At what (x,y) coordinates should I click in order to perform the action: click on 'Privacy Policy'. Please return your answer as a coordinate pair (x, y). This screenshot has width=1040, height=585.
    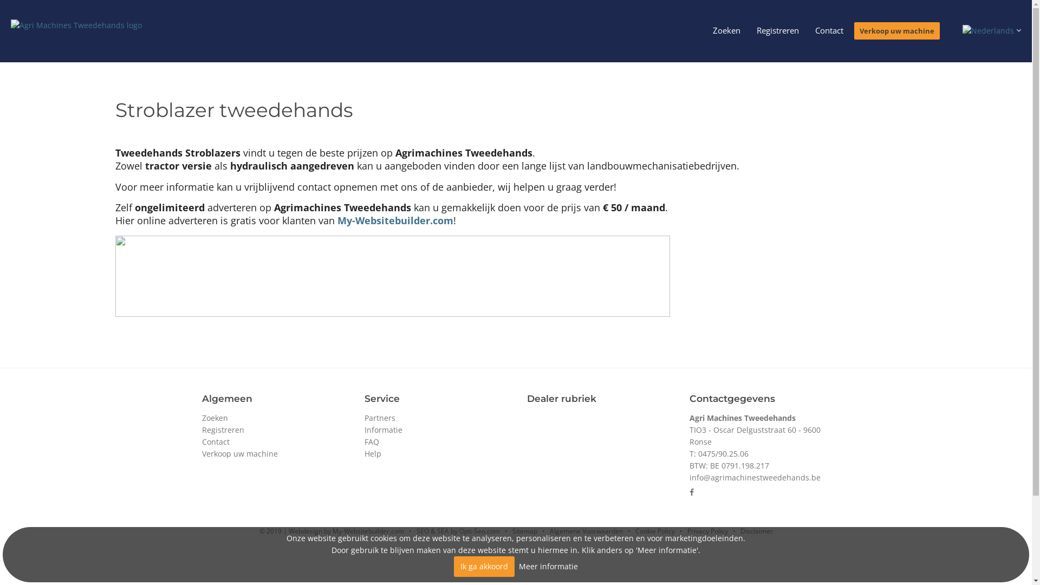
    Looking at the image, I should click on (686, 530).